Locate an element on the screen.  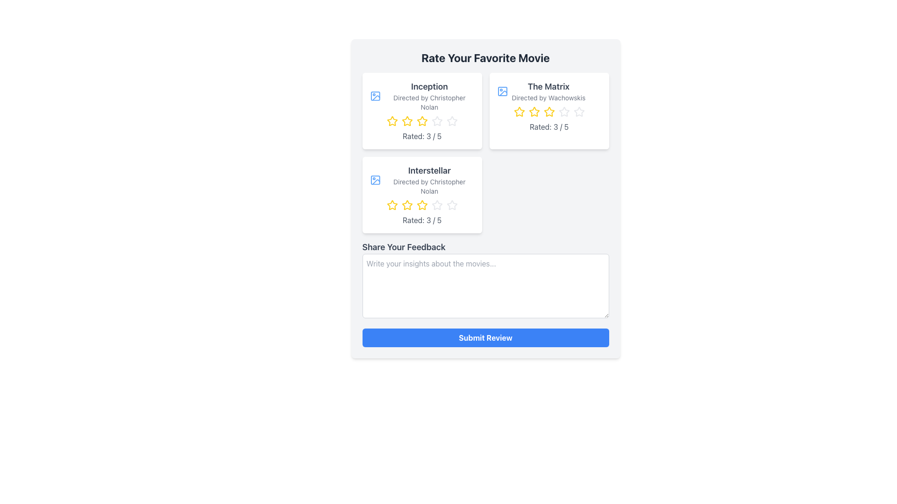
the icon or image placeholder for the movie 'Inception', located at the top-left corner of its card, adjacent to the title and description is located at coordinates (375, 96).